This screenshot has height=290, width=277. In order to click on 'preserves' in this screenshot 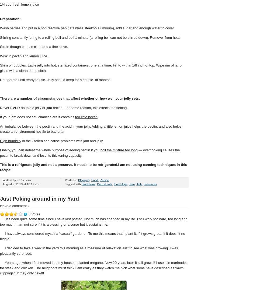, I will do `click(150, 184)`.